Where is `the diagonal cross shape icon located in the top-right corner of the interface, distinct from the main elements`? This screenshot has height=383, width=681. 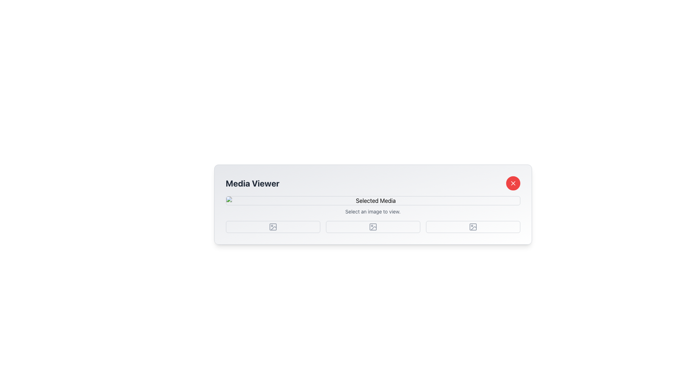
the diagonal cross shape icon located in the top-right corner of the interface, distinct from the main elements is located at coordinates (513, 183).